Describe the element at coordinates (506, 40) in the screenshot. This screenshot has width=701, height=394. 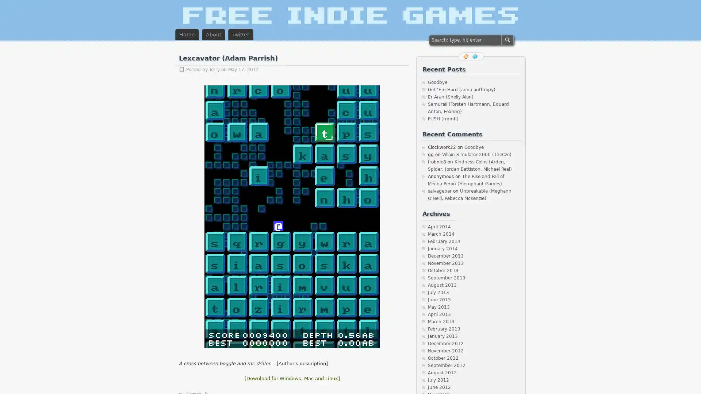
I see `SEARCH` at that location.